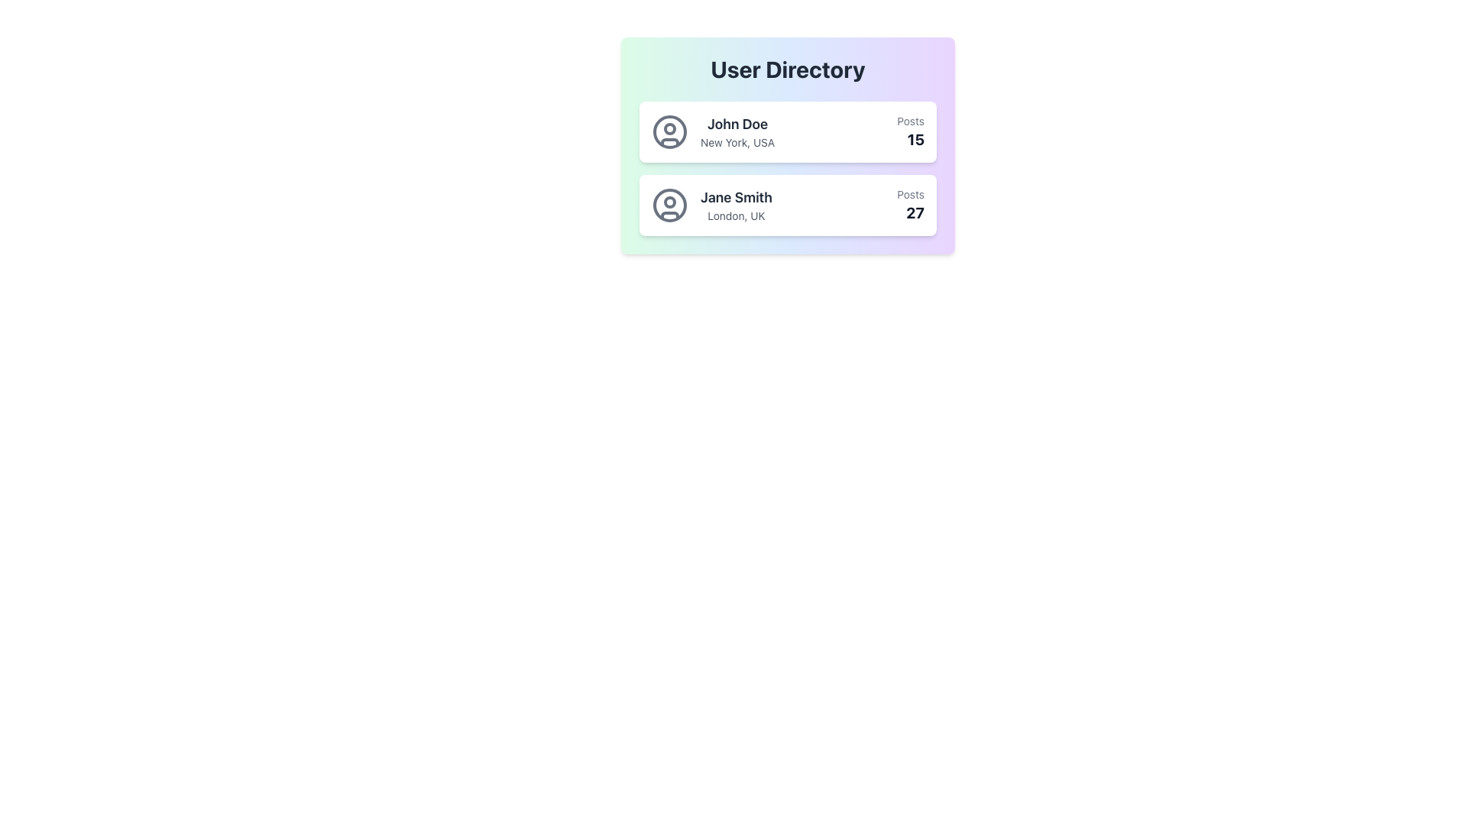 The height and width of the screenshot is (825, 1467). Describe the element at coordinates (911, 131) in the screenshot. I see `the static text display showing the number of posts for the user 'John Doe', located at the top right corner of the user card` at that location.